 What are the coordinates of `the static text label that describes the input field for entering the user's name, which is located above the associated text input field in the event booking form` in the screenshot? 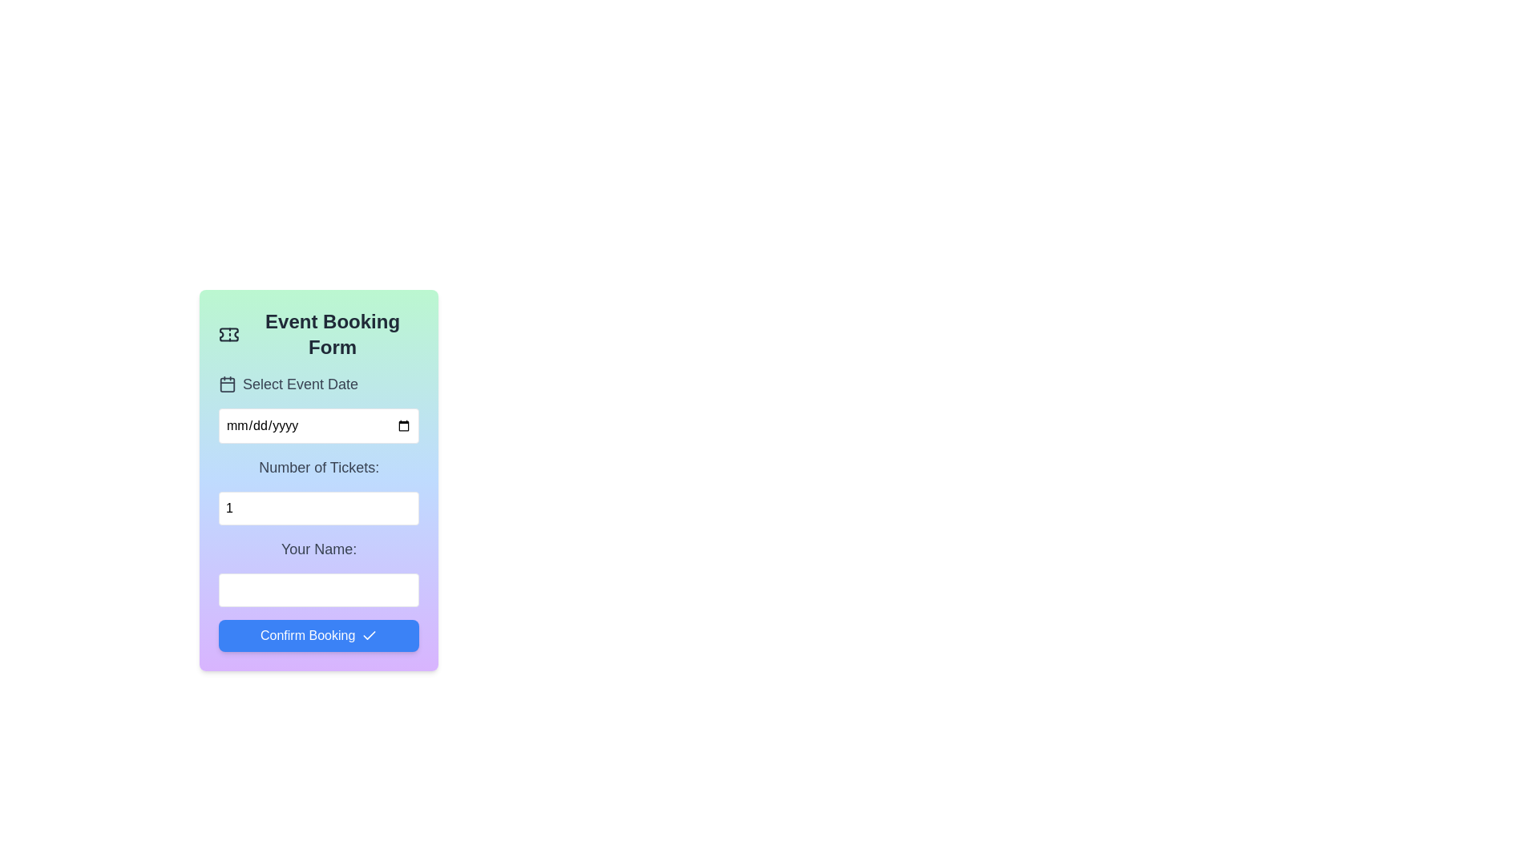 It's located at (319, 549).